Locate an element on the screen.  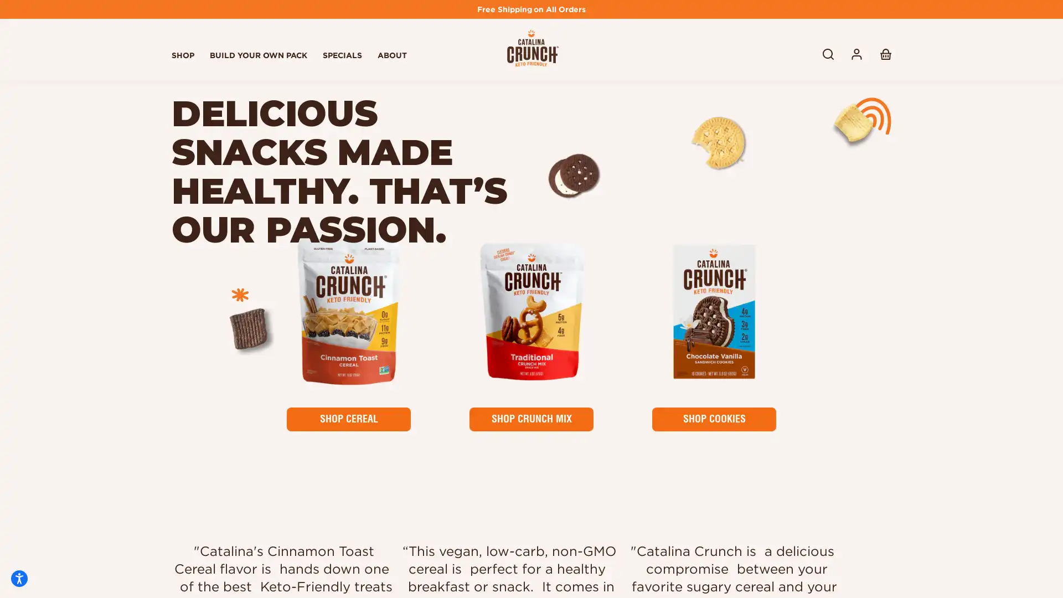
Submit search is located at coordinates (828, 54).